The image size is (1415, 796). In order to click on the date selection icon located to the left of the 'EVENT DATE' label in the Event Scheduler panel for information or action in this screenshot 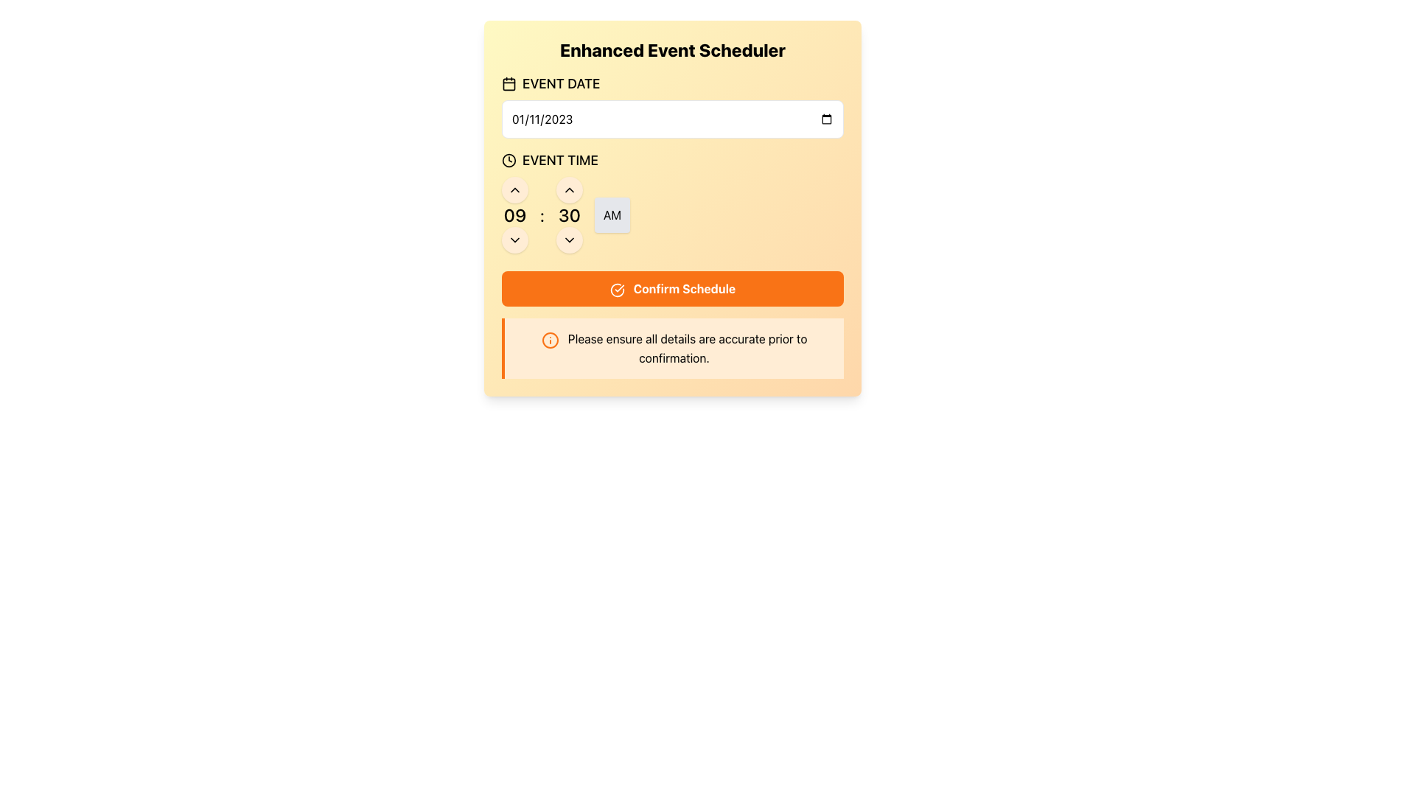, I will do `click(509, 84)`.